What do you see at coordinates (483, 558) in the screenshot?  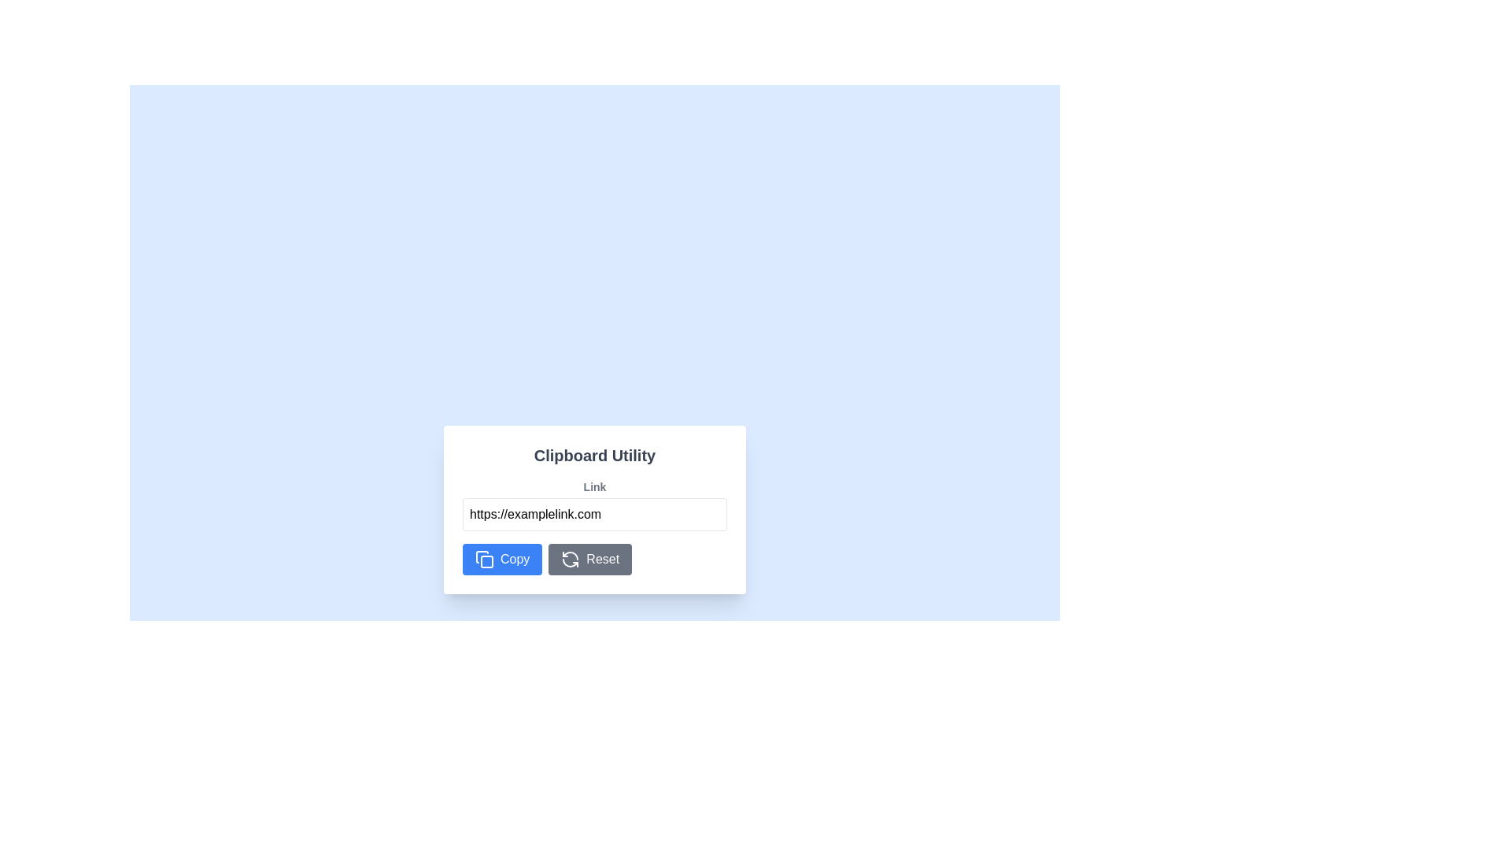 I see `the 'copy' icon located to the left of the 'Copy' button at the bottom-left corner of the central card` at bounding box center [483, 558].